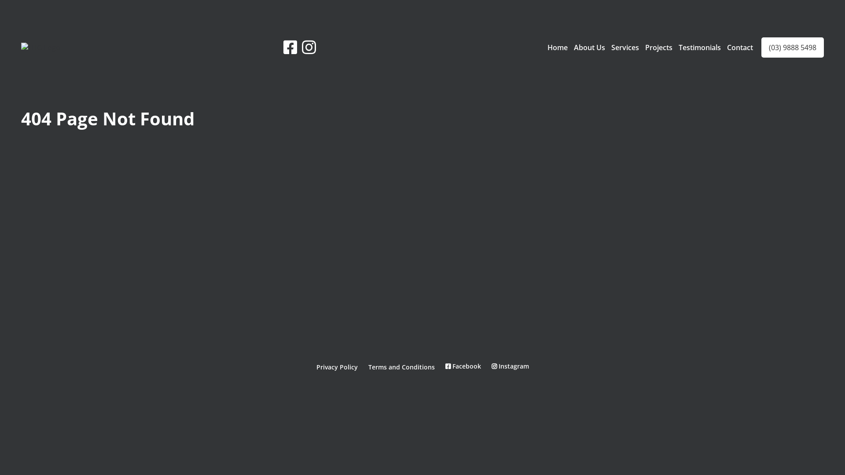  Describe the element at coordinates (699, 47) in the screenshot. I see `'Testimonials'` at that location.